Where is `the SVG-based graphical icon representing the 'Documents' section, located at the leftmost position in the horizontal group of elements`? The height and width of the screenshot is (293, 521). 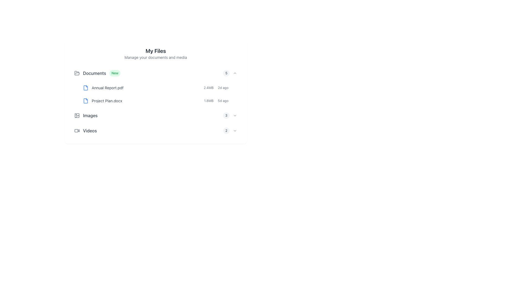
the SVG-based graphical icon representing the 'Documents' section, located at the leftmost position in the horizontal group of elements is located at coordinates (77, 73).